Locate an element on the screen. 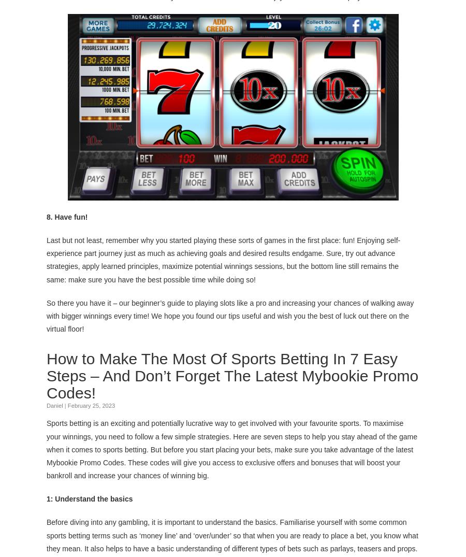 The image size is (466, 557). 'How to Make The Most Of Sports Betting In 7 Easy Steps – And Don’t Forget The Latest Mybookie Promo Codes!' is located at coordinates (232, 375).